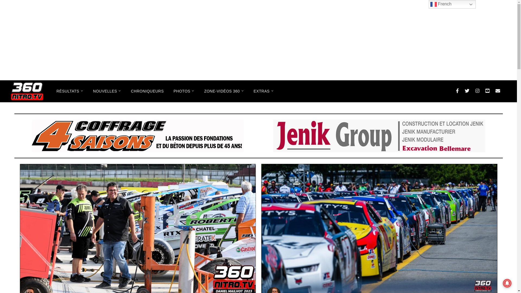 The width and height of the screenshot is (521, 293). What do you see at coordinates (184, 91) in the screenshot?
I see `'PHOTOS'` at bounding box center [184, 91].